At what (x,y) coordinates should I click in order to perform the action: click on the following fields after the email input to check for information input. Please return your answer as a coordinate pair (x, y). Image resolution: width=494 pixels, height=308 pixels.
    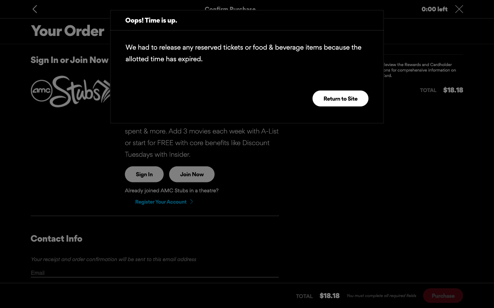
    Looking at the image, I should click on (155, 273).